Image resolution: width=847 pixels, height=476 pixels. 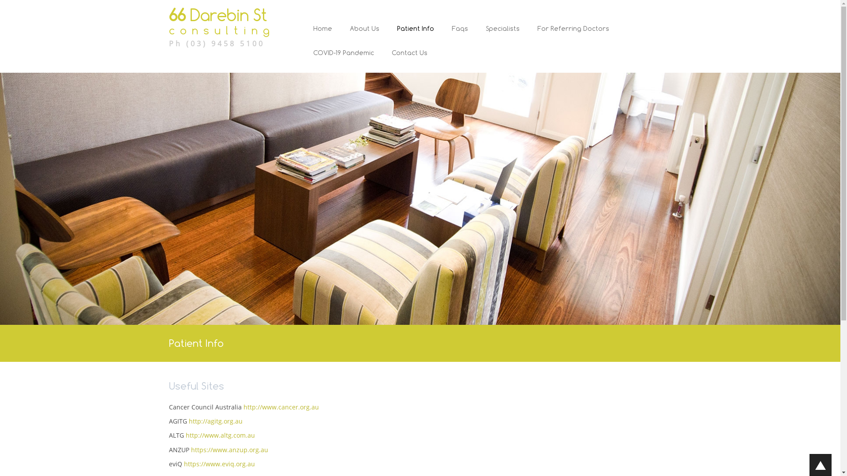 I want to click on 'Faqs', so click(x=459, y=36).